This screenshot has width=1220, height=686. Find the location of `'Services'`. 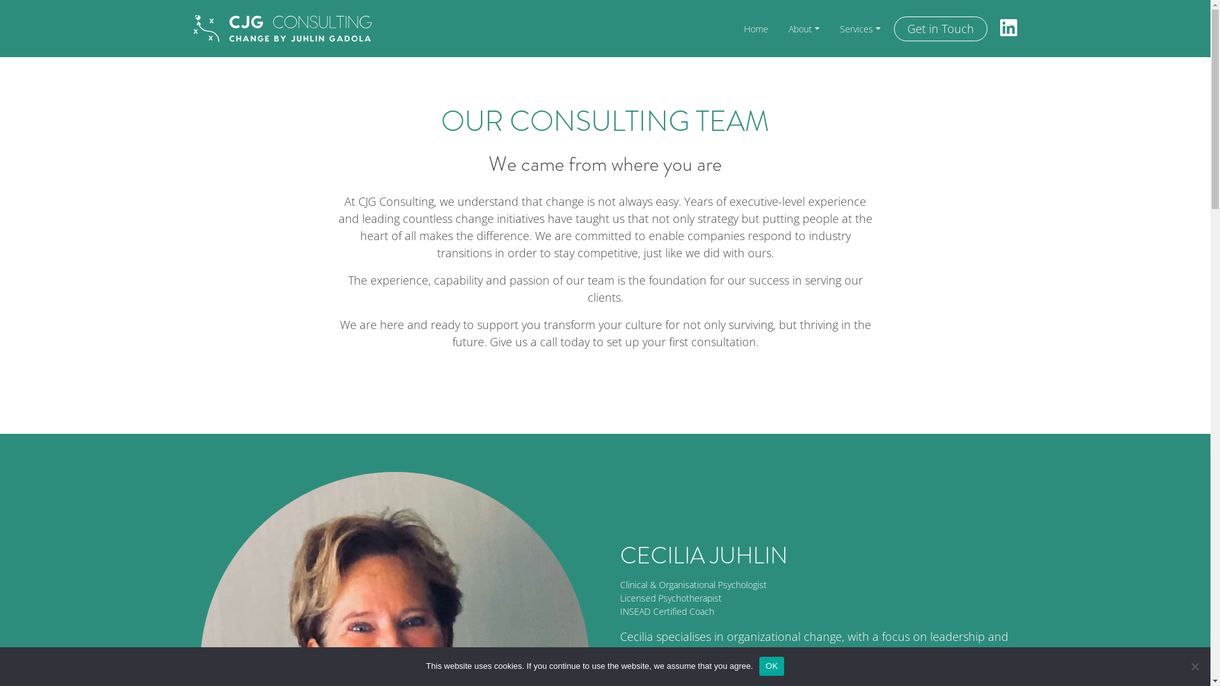

'Services' is located at coordinates (860, 29).